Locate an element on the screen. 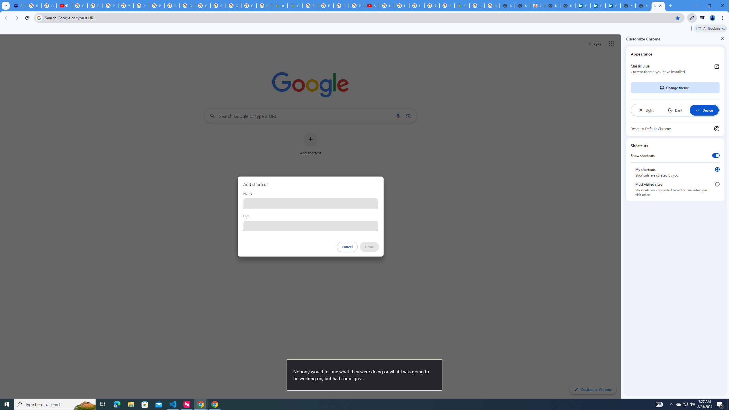 Image resolution: width=729 pixels, height=410 pixels. 'Cookie Policy | LinkedIn' is located at coordinates (598, 5).